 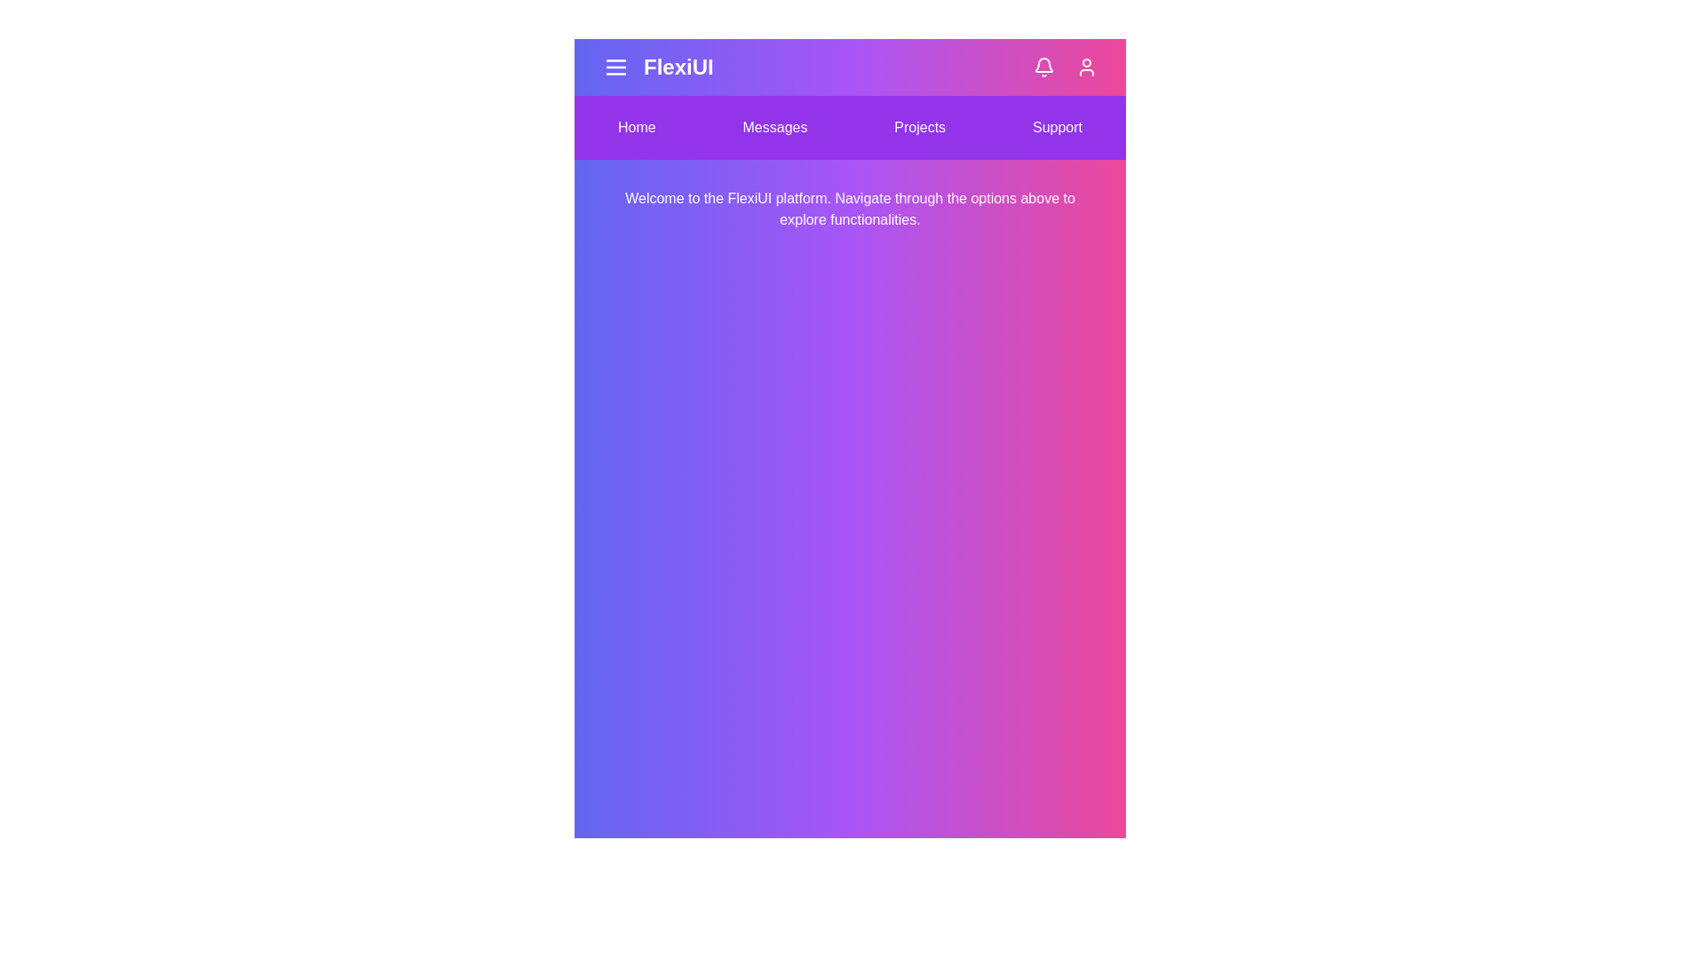 I want to click on the navigation item Support to navigate, so click(x=1057, y=126).